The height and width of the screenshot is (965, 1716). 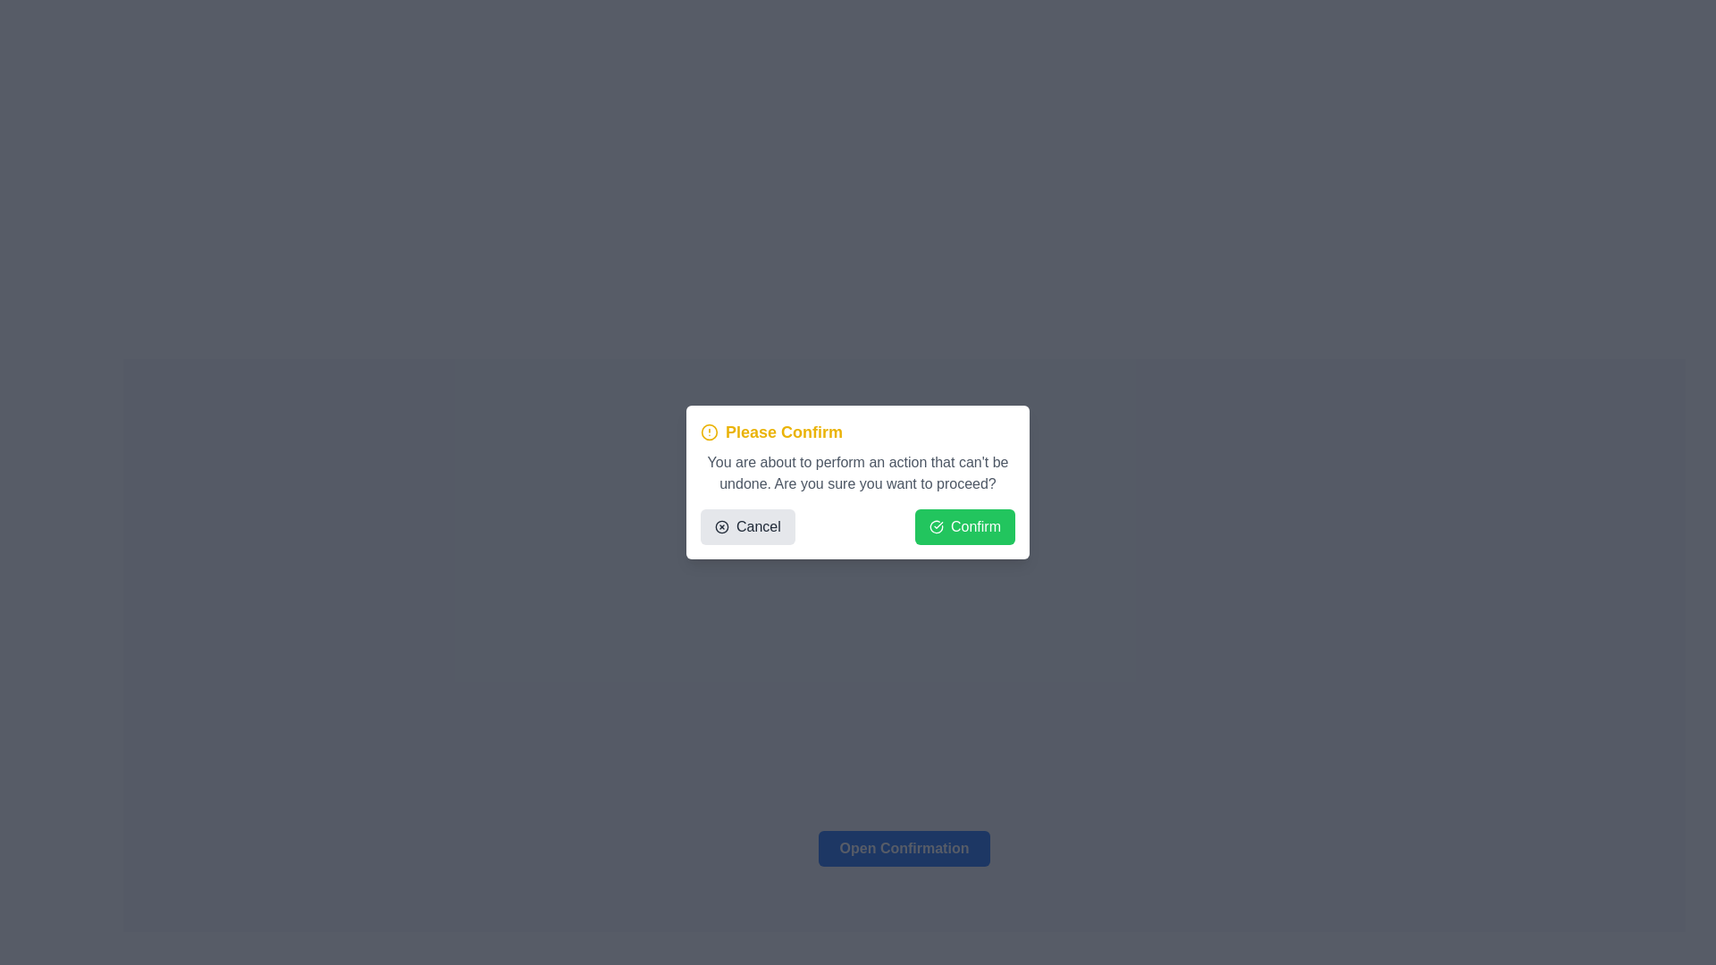 I want to click on the circular alert icon with a yellow fill located in the modal dialog titled 'Please Confirm', positioned at the top-left corner of the dialog, so click(x=708, y=432).